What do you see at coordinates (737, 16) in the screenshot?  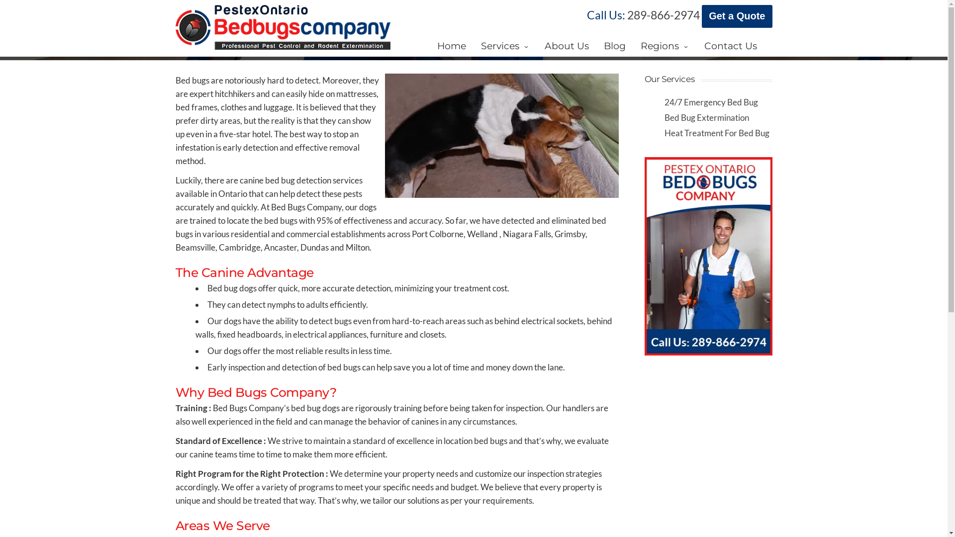 I see `'Get a Quote'` at bounding box center [737, 16].